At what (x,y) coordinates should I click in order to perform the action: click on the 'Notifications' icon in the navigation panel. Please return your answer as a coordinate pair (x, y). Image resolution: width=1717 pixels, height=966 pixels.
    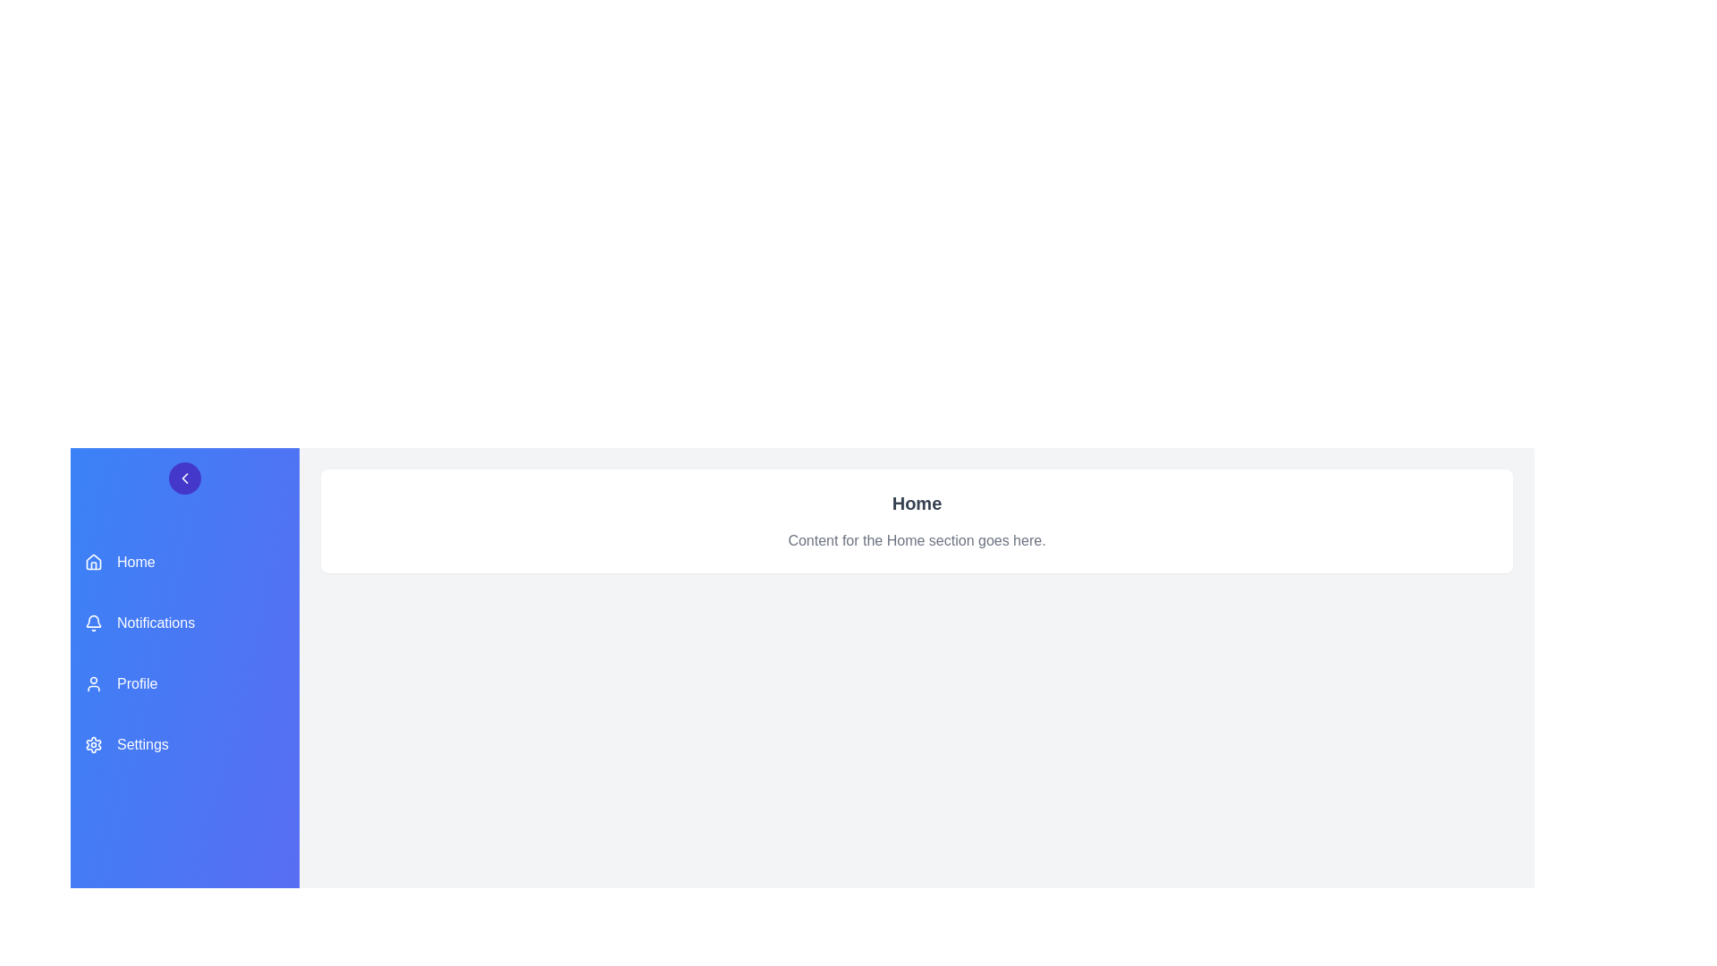
    Looking at the image, I should click on (93, 623).